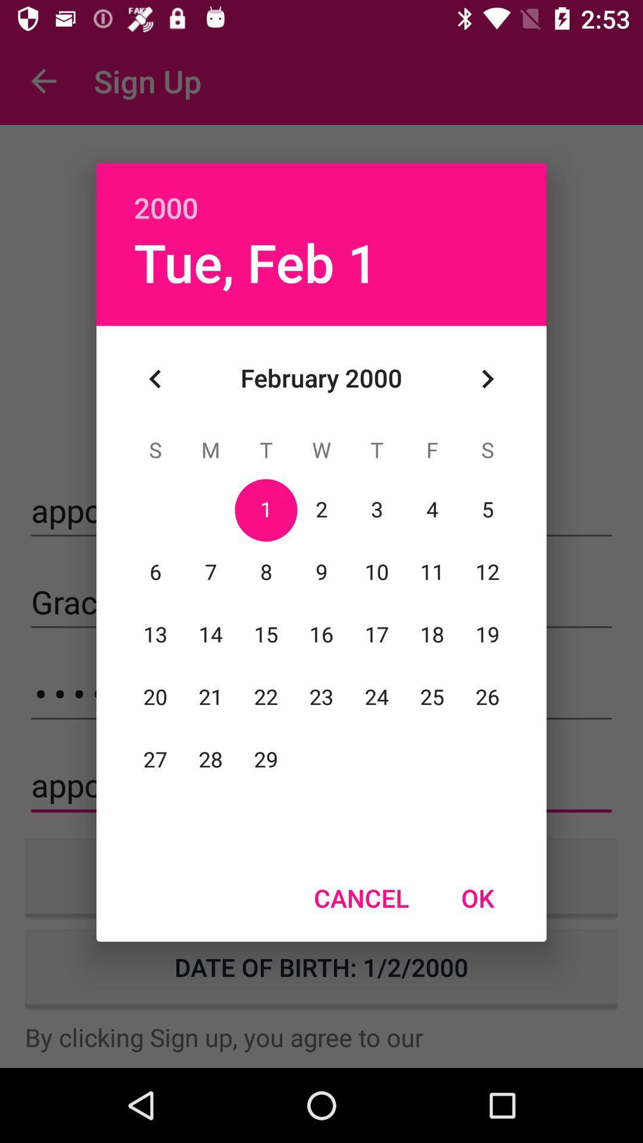 The width and height of the screenshot is (643, 1143). I want to click on the icon next to the ok icon, so click(361, 898).